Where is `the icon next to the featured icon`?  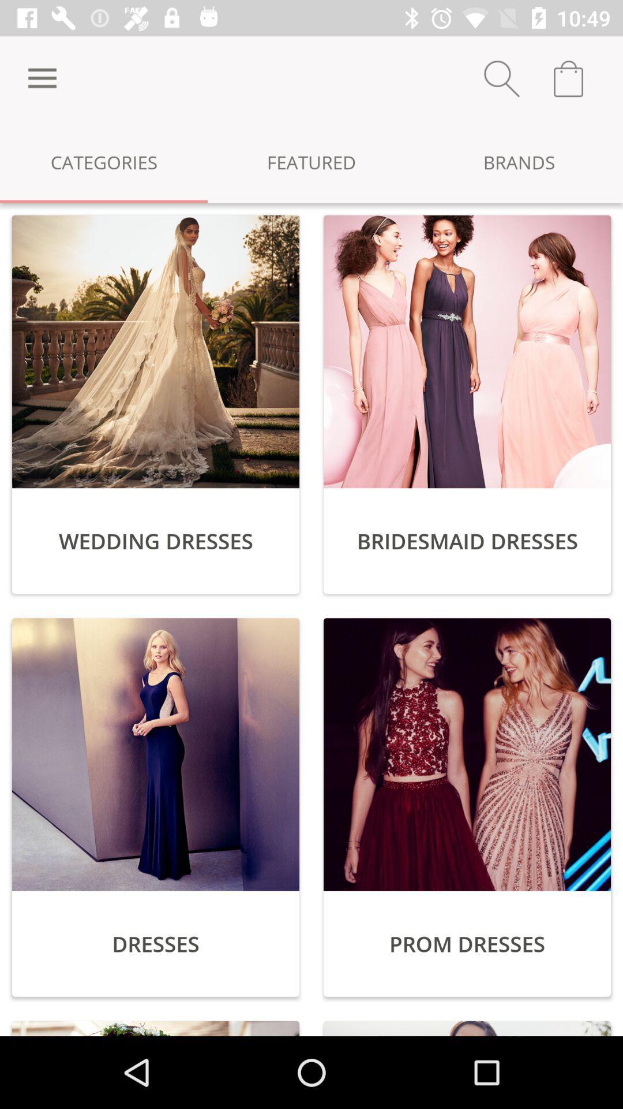
the icon next to the featured icon is located at coordinates (518, 161).